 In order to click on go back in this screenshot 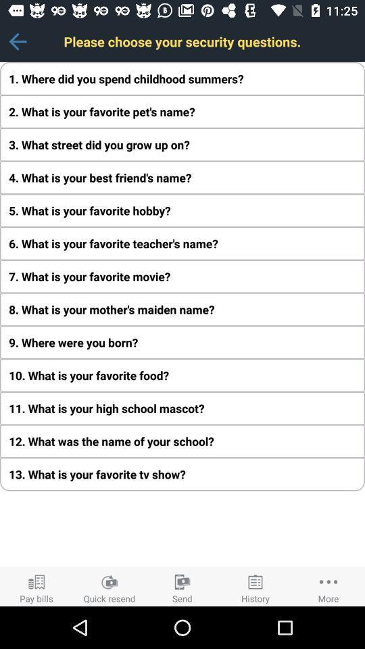, I will do `click(17, 41)`.